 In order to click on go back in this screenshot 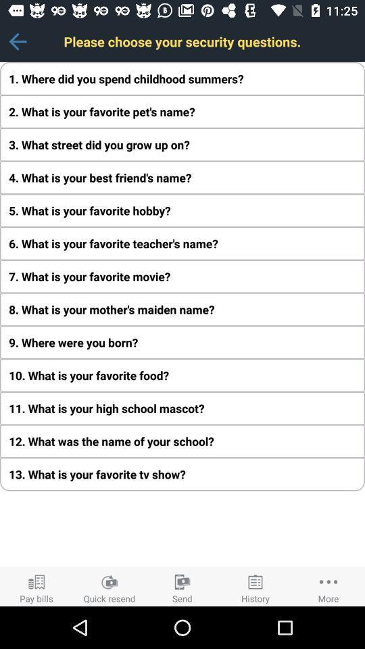, I will do `click(17, 41)`.